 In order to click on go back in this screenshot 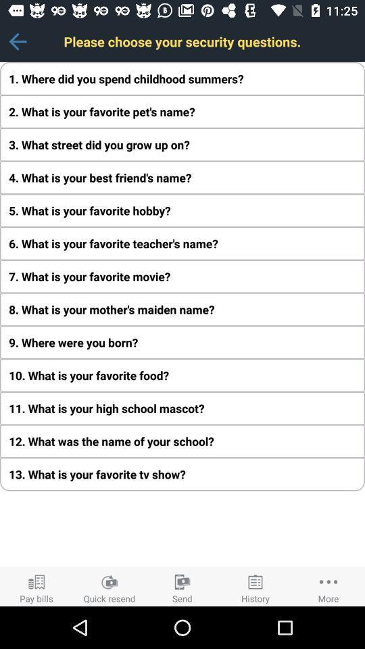, I will do `click(17, 41)`.